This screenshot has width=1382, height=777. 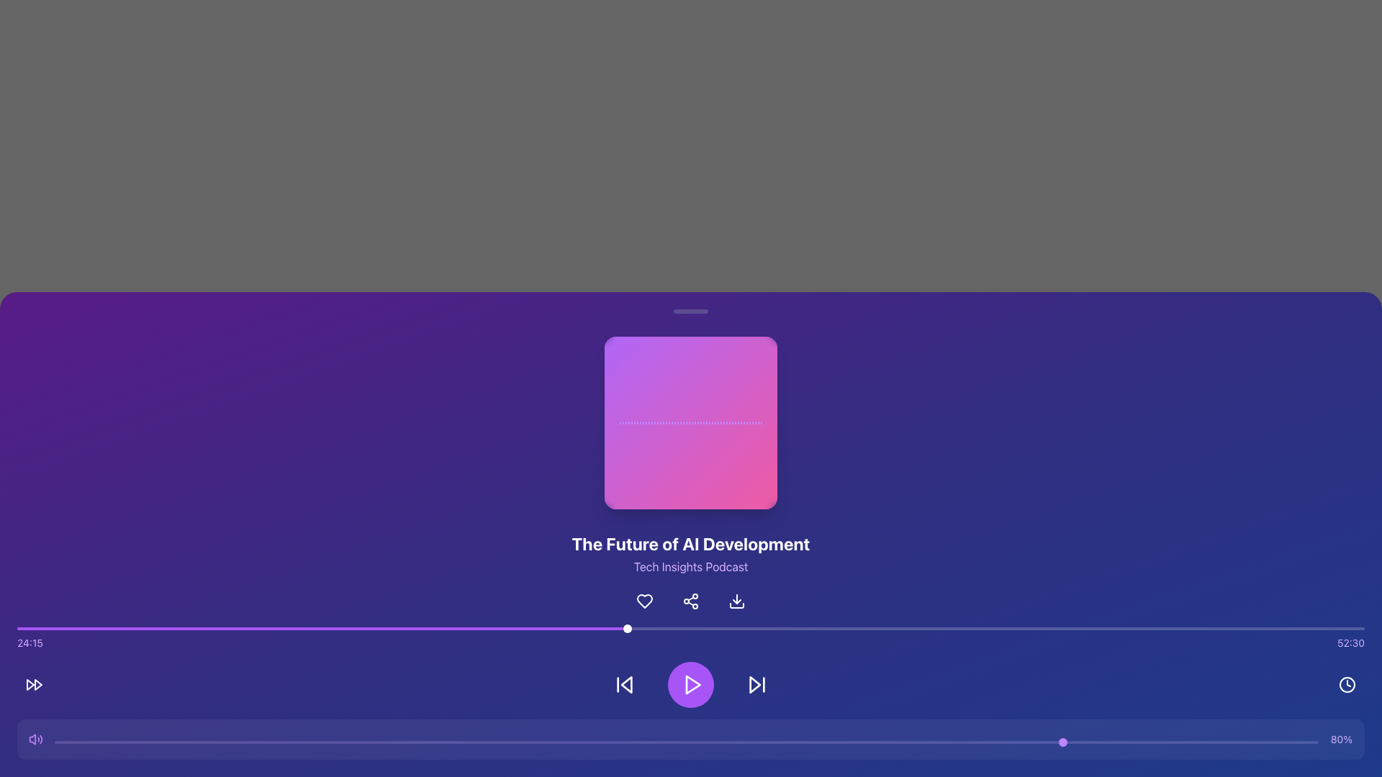 What do you see at coordinates (1347, 684) in the screenshot?
I see `the clock icon located at the bottom-right of the interface` at bounding box center [1347, 684].